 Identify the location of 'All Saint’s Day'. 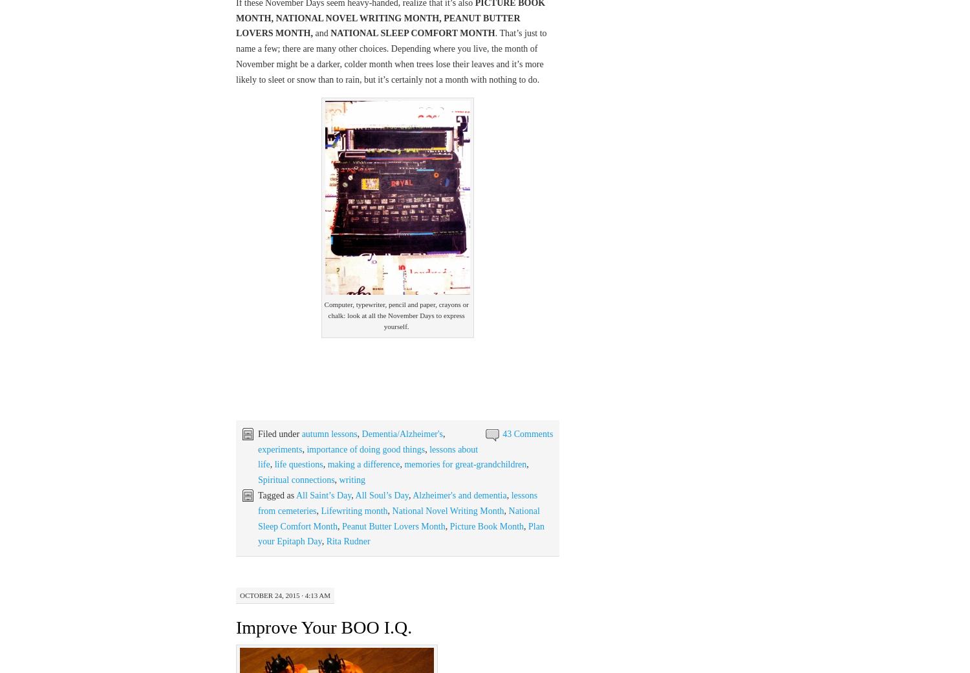
(322, 495).